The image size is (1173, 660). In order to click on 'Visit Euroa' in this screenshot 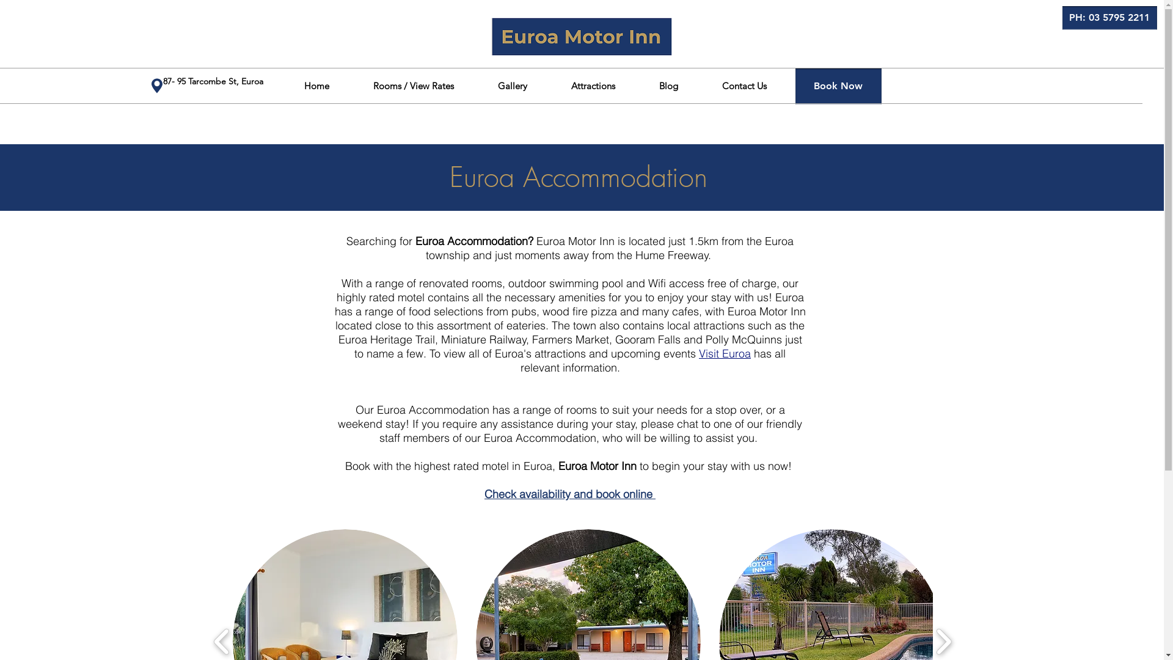, I will do `click(725, 353)`.